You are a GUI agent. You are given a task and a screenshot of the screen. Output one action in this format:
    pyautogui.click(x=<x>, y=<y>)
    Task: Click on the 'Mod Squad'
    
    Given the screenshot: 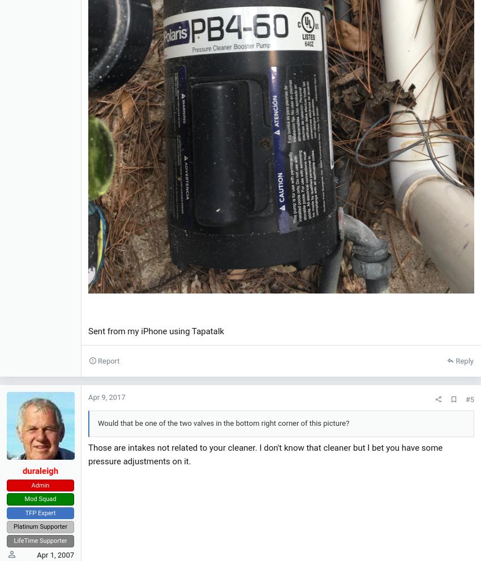 What is the action you would take?
    pyautogui.click(x=40, y=499)
    